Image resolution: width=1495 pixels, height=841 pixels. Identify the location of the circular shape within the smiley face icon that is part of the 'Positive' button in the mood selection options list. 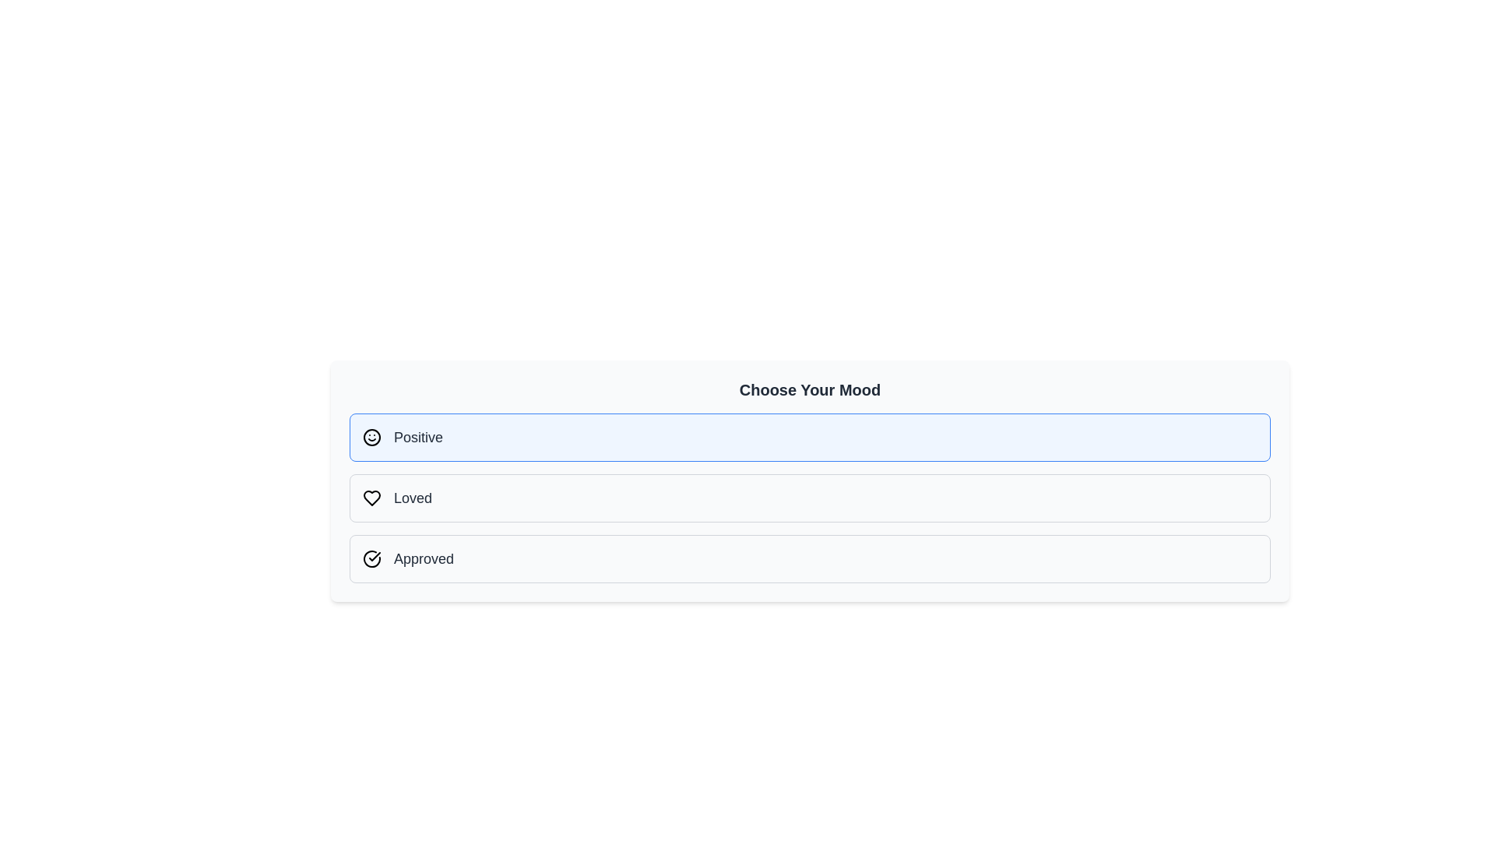
(371, 438).